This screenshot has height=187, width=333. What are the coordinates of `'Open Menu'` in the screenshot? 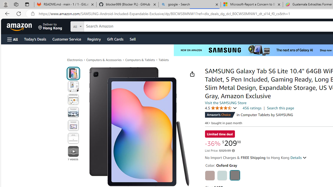 It's located at (12, 39).